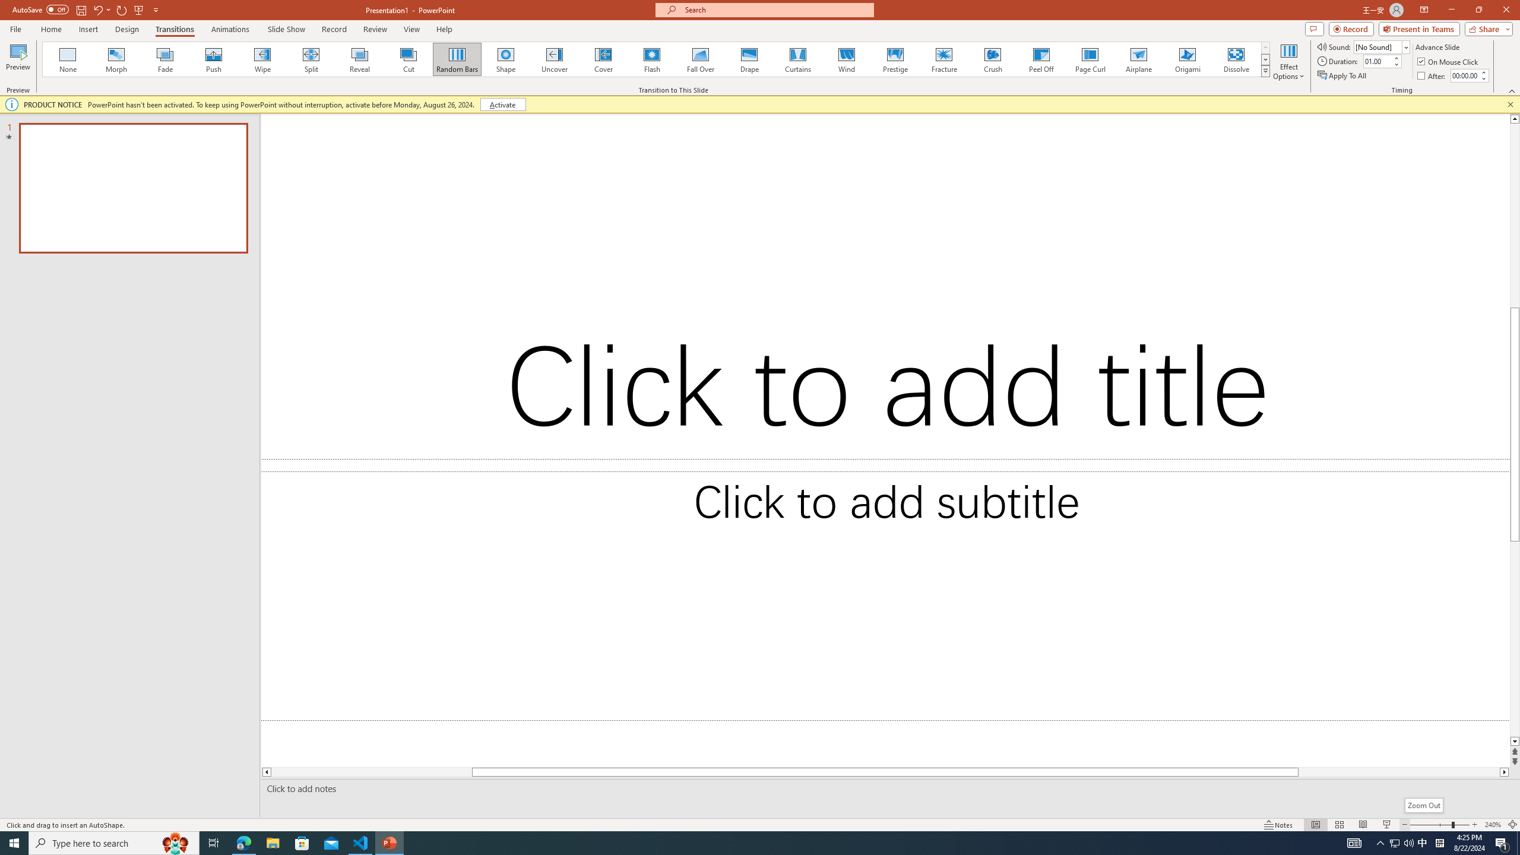  I want to click on 'Uncover', so click(554, 59).